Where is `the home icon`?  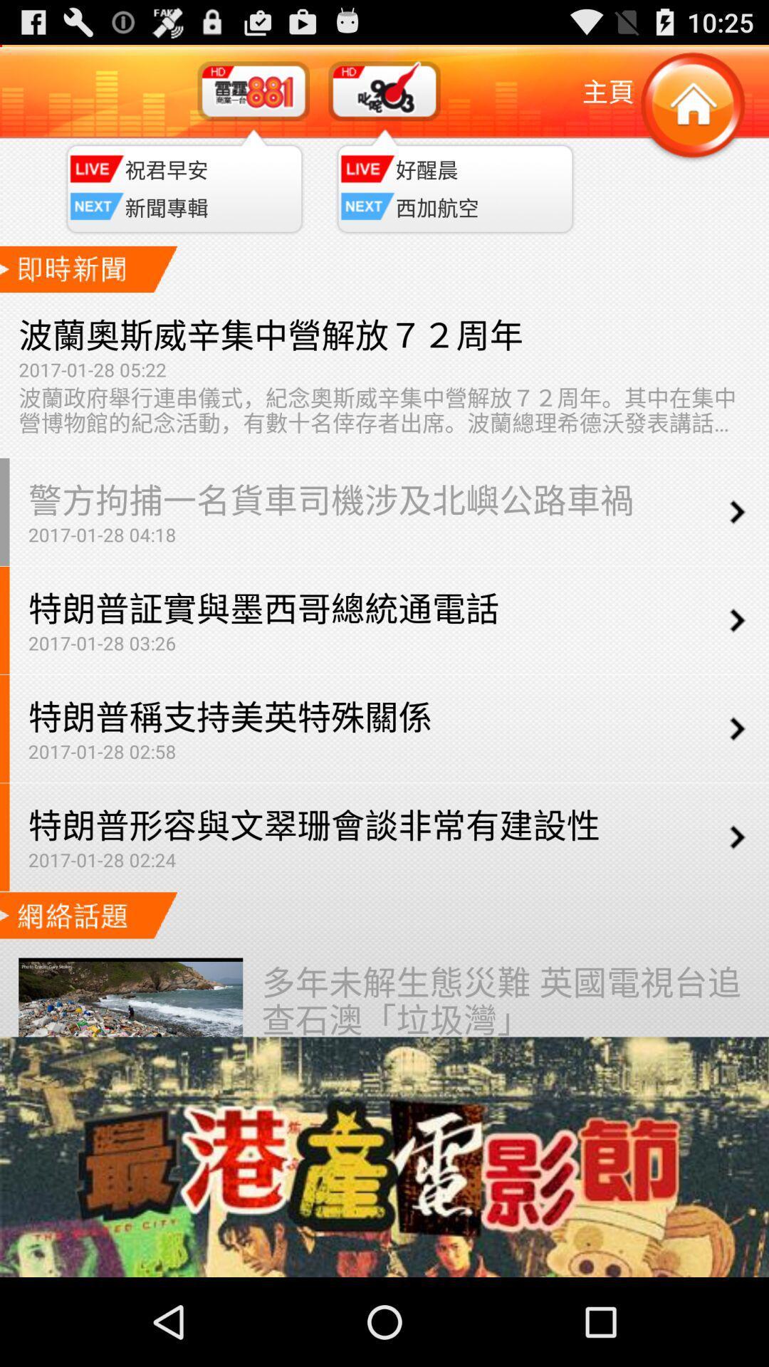 the home icon is located at coordinates (691, 114).